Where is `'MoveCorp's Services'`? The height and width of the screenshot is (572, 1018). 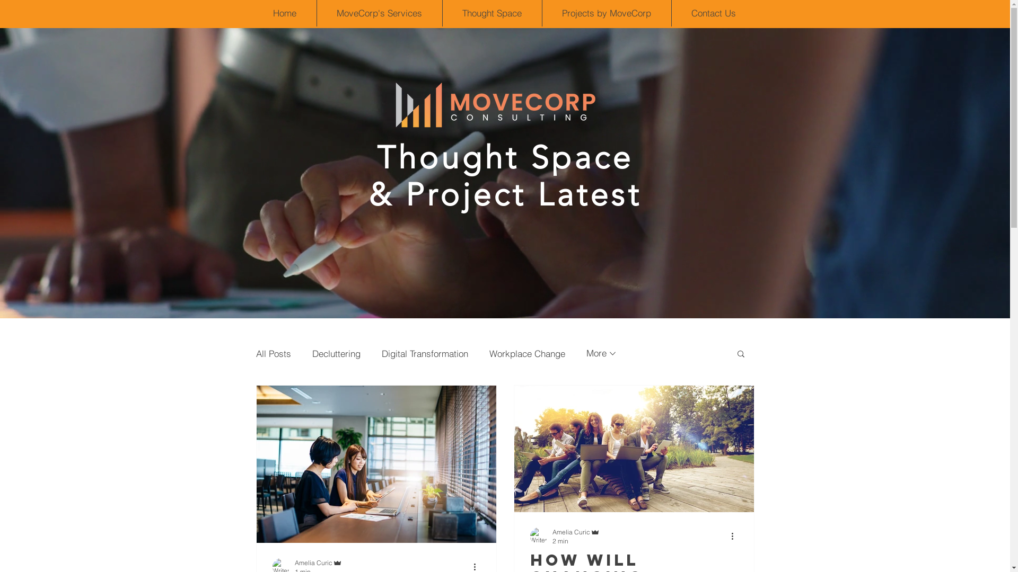 'MoveCorp's Services' is located at coordinates (379, 13).